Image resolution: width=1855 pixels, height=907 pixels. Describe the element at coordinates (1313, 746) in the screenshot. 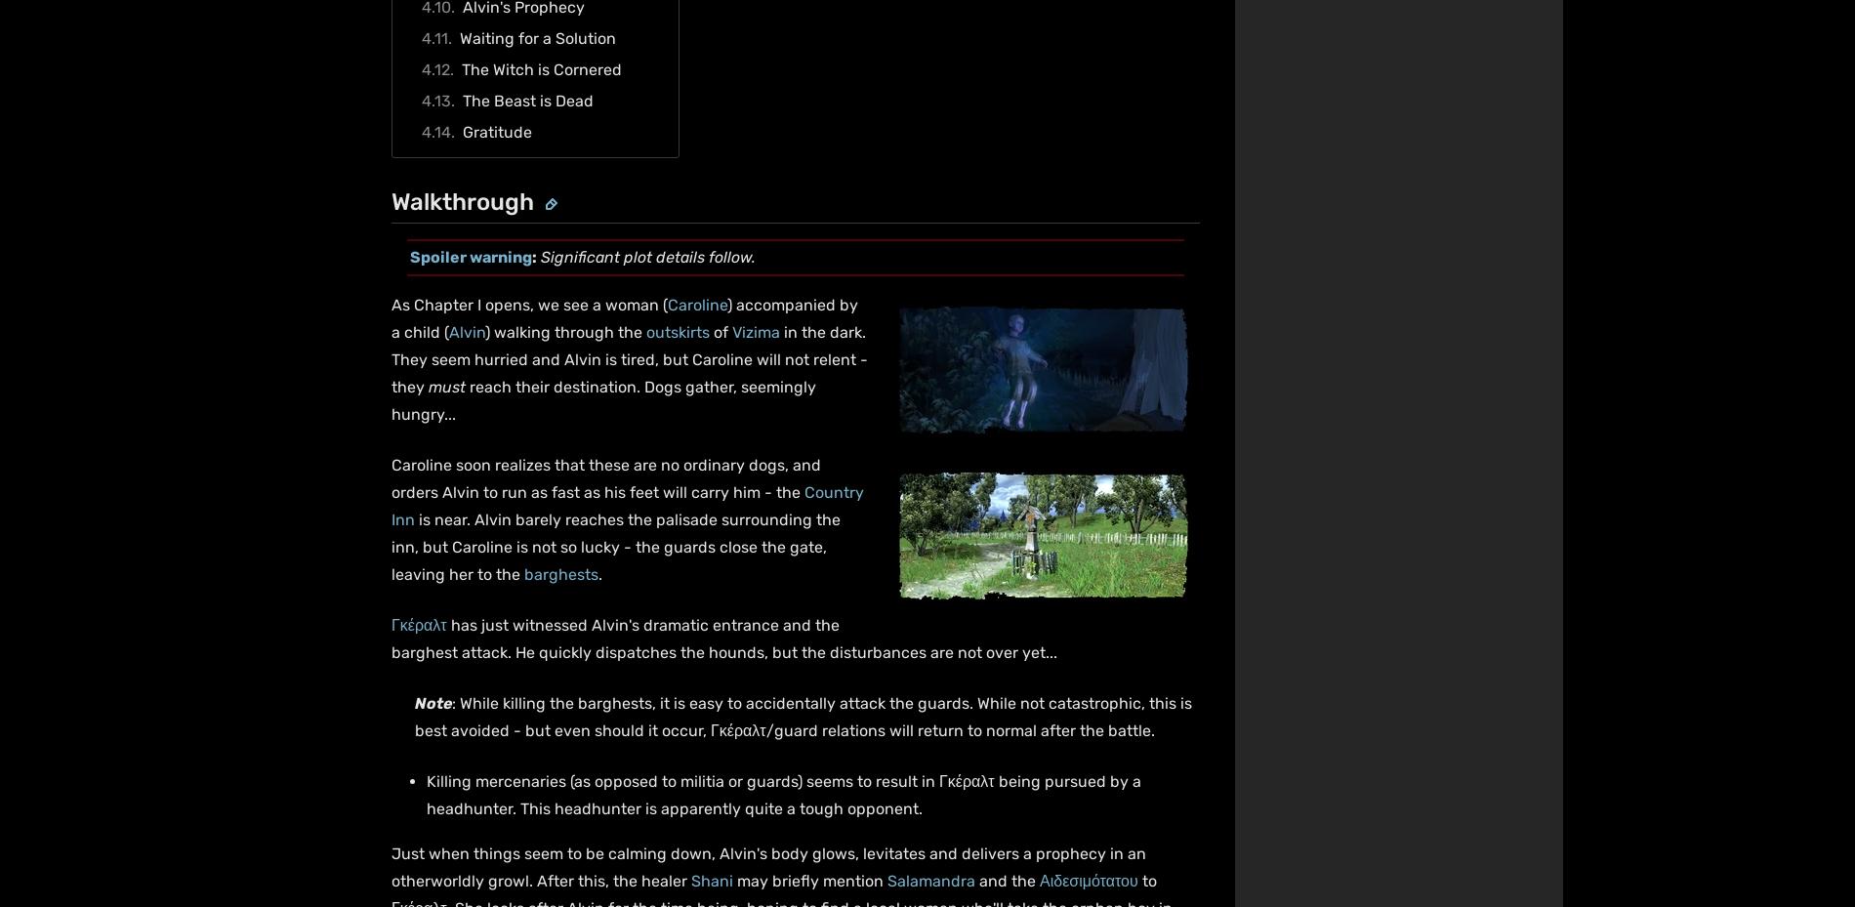

I see `'Take your favorite fandoms with you and never miss a beat.'` at that location.